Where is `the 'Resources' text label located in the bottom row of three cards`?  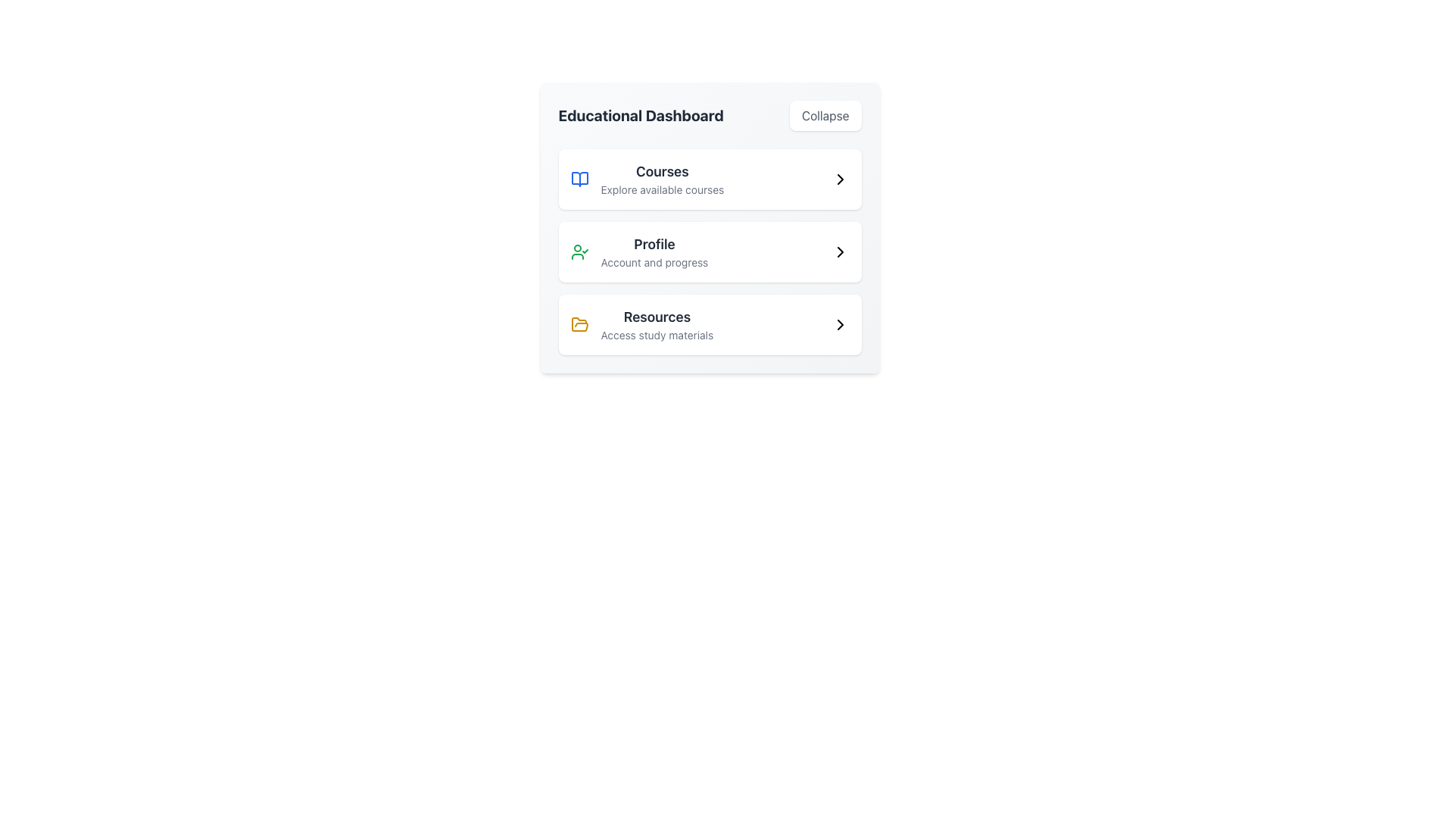 the 'Resources' text label located in the bottom row of three cards is located at coordinates (657, 323).